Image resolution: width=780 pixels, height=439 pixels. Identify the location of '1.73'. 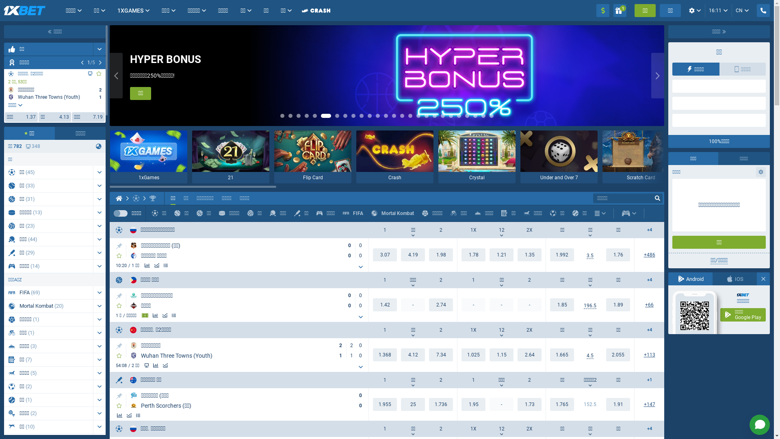
(517, 404).